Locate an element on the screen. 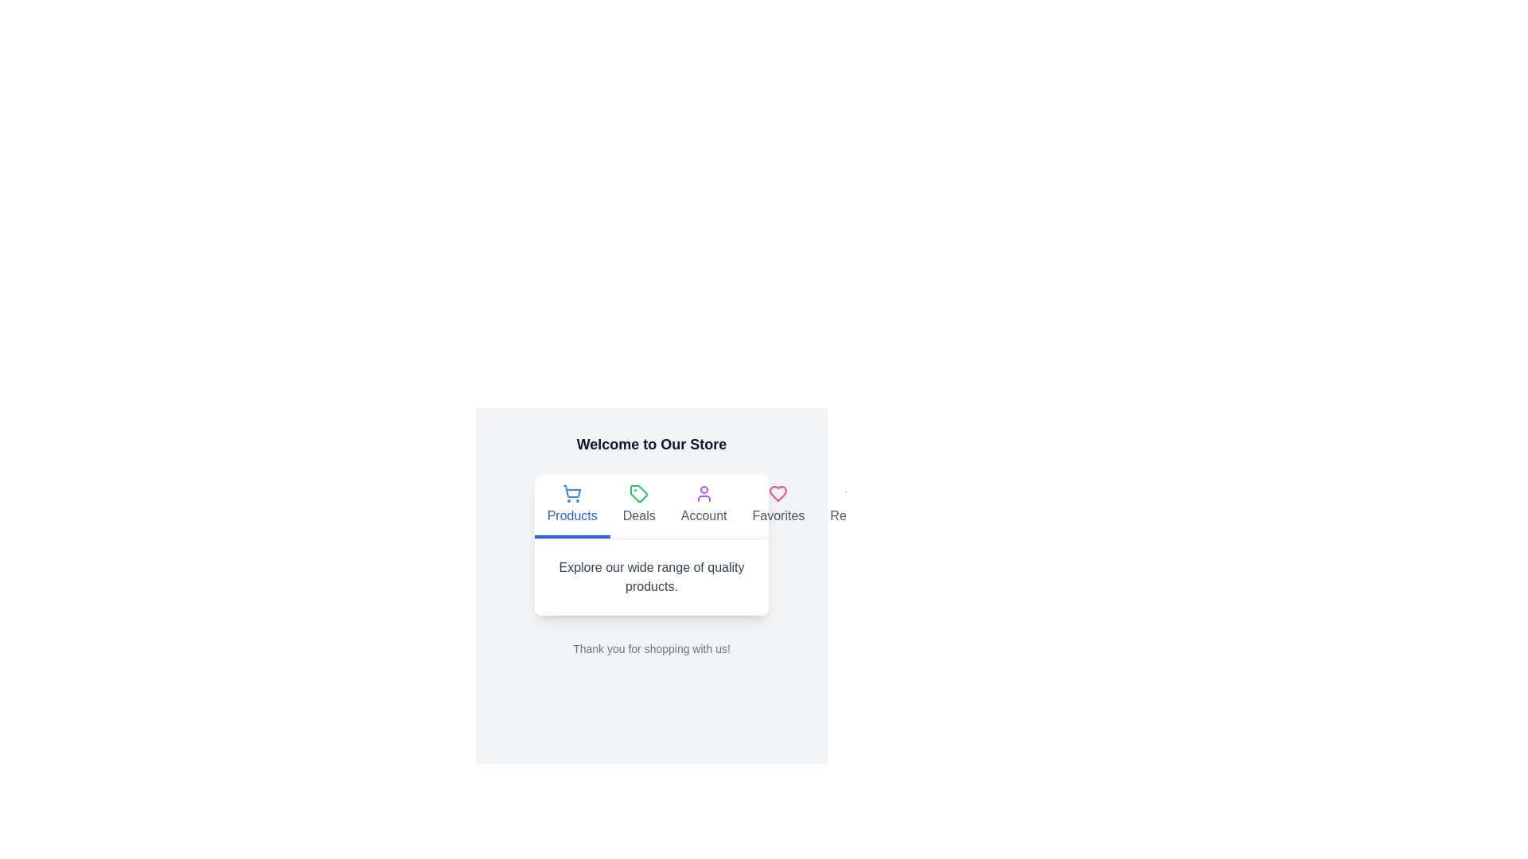 Image resolution: width=1528 pixels, height=859 pixels. the 'Deals' menu tab, which is the second element in the horizontal menu bar is located at coordinates (639, 506).